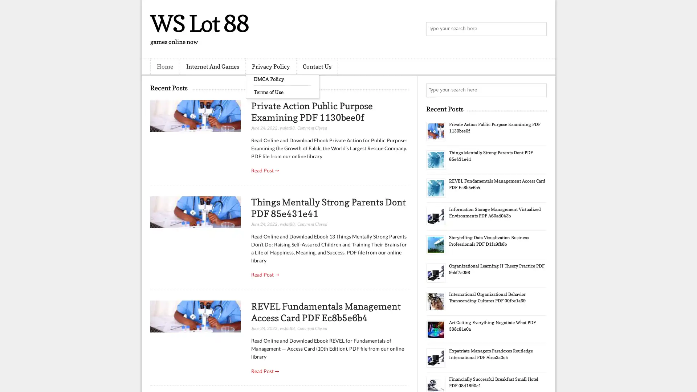  What do you see at coordinates (539, 90) in the screenshot?
I see `Search` at bounding box center [539, 90].